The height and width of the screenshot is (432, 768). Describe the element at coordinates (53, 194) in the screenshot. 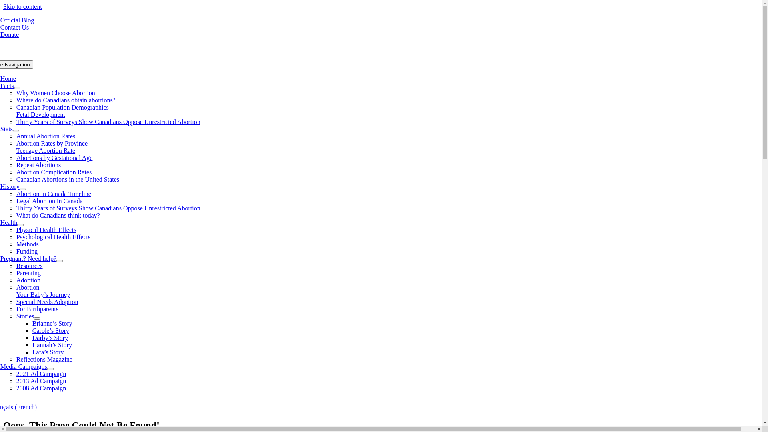

I see `'Abortion in Canada Timeline'` at that location.